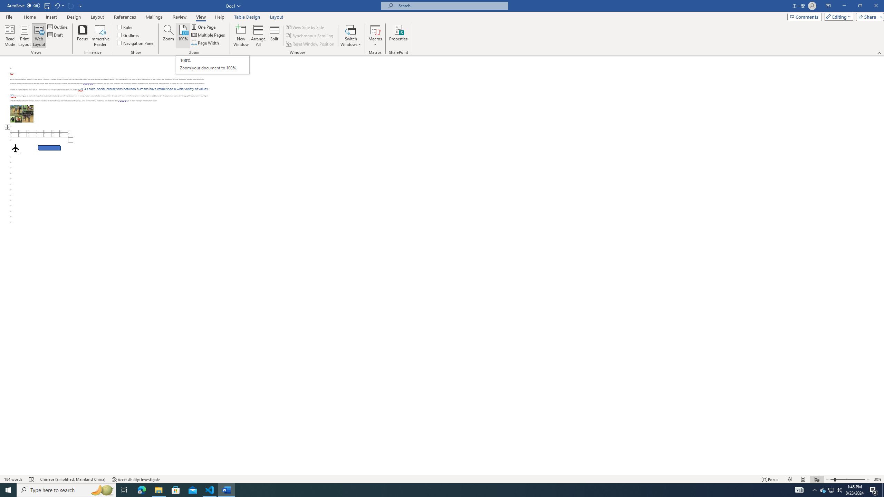 Image resolution: width=884 pixels, height=497 pixels. Describe the element at coordinates (58, 27) in the screenshot. I see `'Outline'` at that location.